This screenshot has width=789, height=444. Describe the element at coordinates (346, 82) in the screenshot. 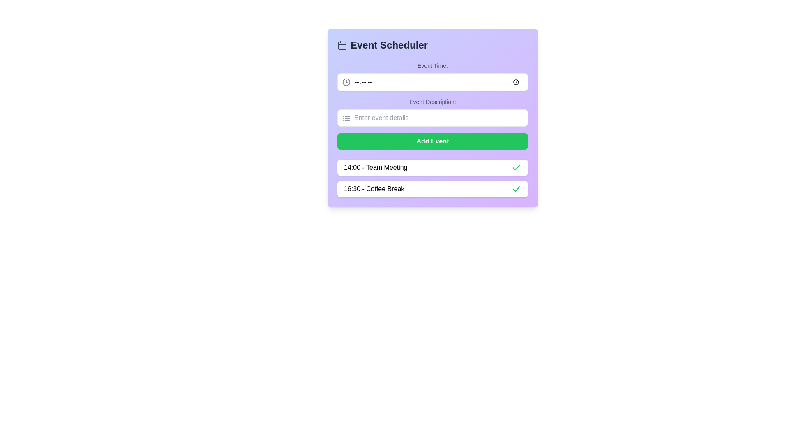

I see `circular SVG vector graphic element inside the clock icon, located to the left of the 'Event Time' input field, for debugging purposes` at that location.